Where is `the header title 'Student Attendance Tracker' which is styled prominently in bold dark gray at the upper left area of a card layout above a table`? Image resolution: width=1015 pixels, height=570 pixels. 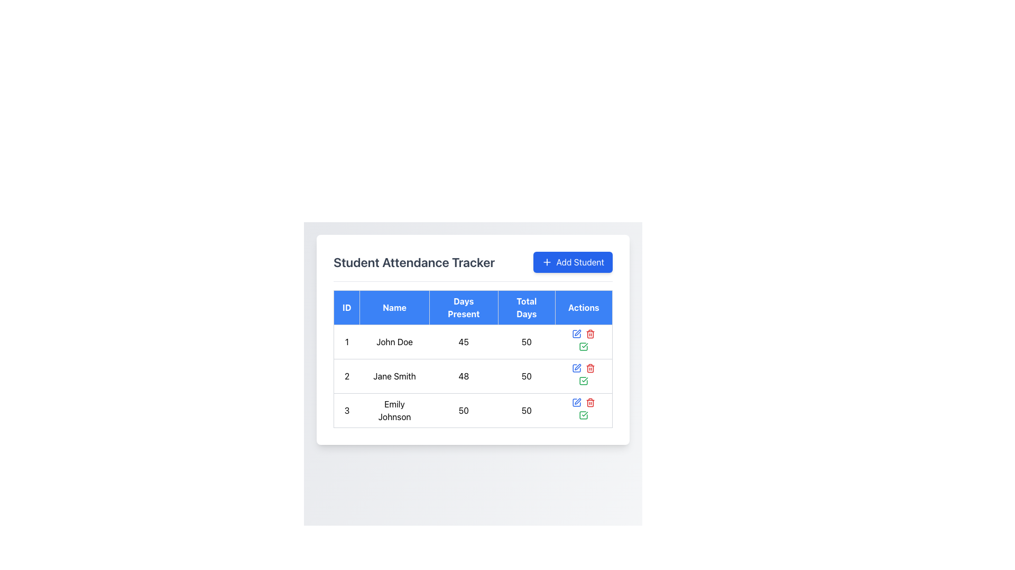
the header title 'Student Attendance Tracker' which is styled prominently in bold dark gray at the upper left area of a card layout above a table is located at coordinates (413, 262).